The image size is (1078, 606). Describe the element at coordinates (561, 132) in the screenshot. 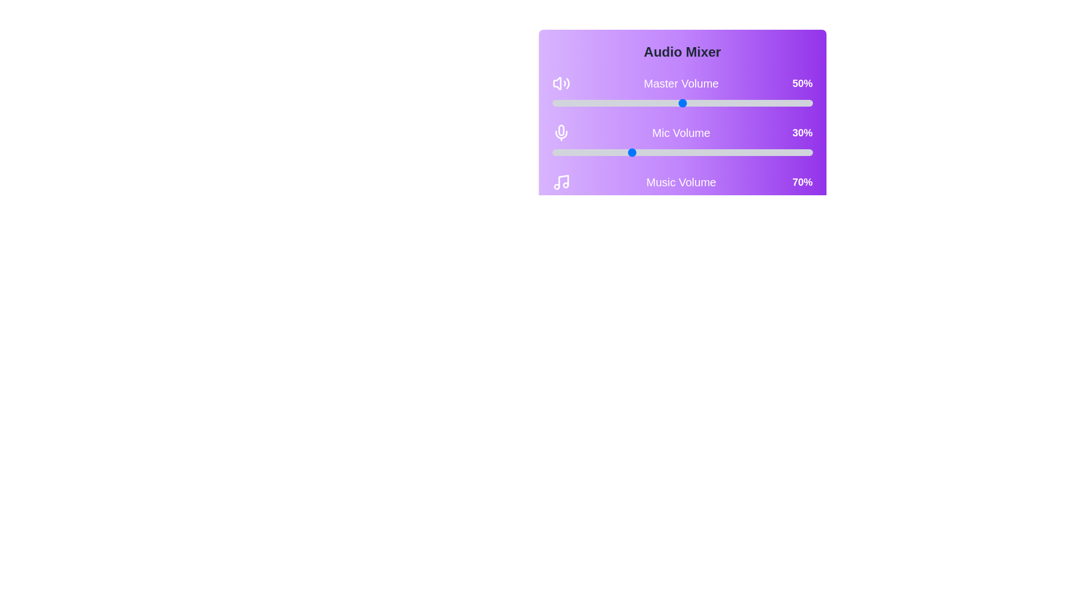

I see `the microphone icon located on the left side of the 'Mic Volume' control row, which is styled with white strokes on a transparent background` at that location.